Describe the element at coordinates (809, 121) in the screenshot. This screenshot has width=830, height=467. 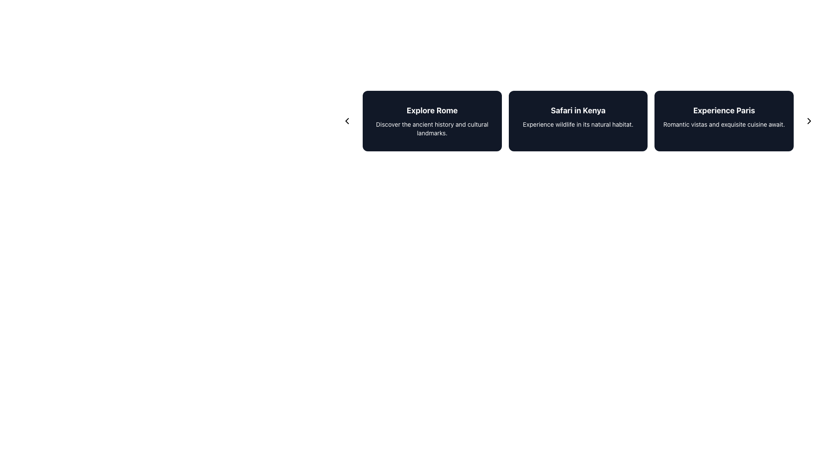
I see `the right-chevron icon button located to the far right of the content cards` at that location.